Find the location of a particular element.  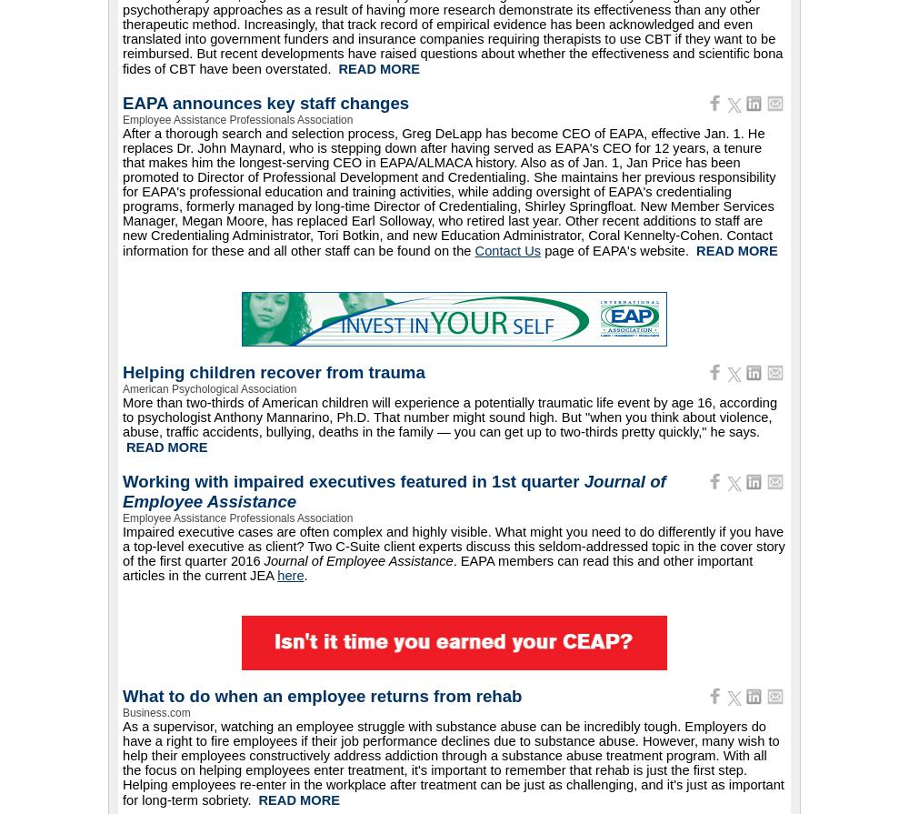

'After a thorough search and selection process, Greg DeLapp has become CEO of EAPA, effective Jan. 1.  He replaces Dr. John Maynard, who is stepping down after having served as EAPA's CEO for 12 years, a tenure that makes him the longest-serving CEO in EAPA/ALMACA history.  Also as of Jan. 1, Jan Price has been promoted to Director of Professional Development and Credentialing.  She maintains her previous responsibility for EAPA's professional education and training activities, while adding oversight of EAPA's credentialing programs, formerly managed by long-time Director of Credentialing, Shirley Springfloat.  New Member Services Manager, Megan Moore, has replaced Earl Solloway, who retired last year.  Other recent additions to staff are new Credentialing Administrator, Tori Botkin, and new Education Administrator, Coral Kennelty-Cohen.  Contact information for these and all other staff can be found on the' is located at coordinates (448, 192).